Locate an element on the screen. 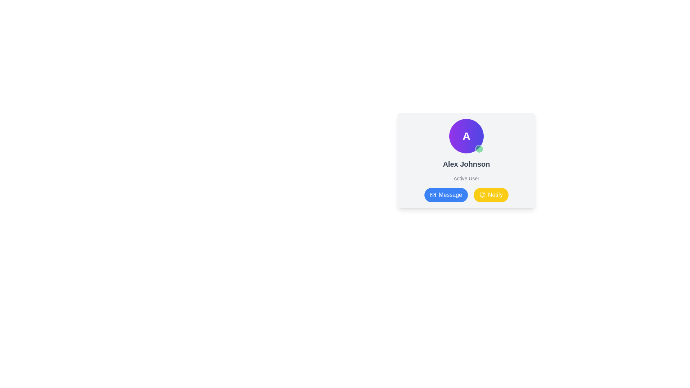 The height and width of the screenshot is (388, 690). the small circular Status Indicator with a green background located at the bottom-right corner of the circular profile picture on the card layout is located at coordinates (479, 149).